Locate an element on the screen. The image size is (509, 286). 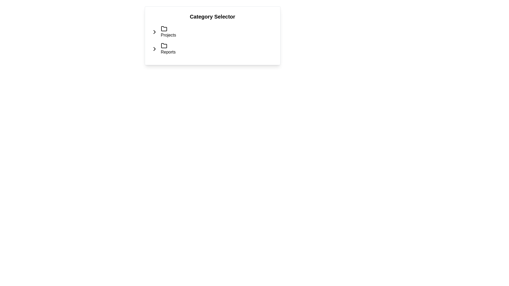
the folder icon located under the text 'Reports' is located at coordinates (164, 46).